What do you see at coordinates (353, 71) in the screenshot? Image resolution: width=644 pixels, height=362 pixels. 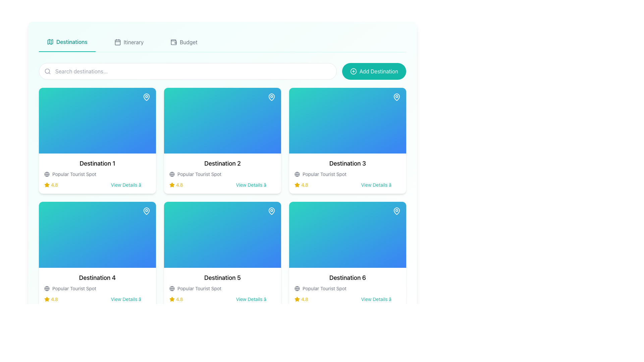 I see `the plus sign icon within the 'Add Destination' button located at the top-right corner of the interface` at bounding box center [353, 71].